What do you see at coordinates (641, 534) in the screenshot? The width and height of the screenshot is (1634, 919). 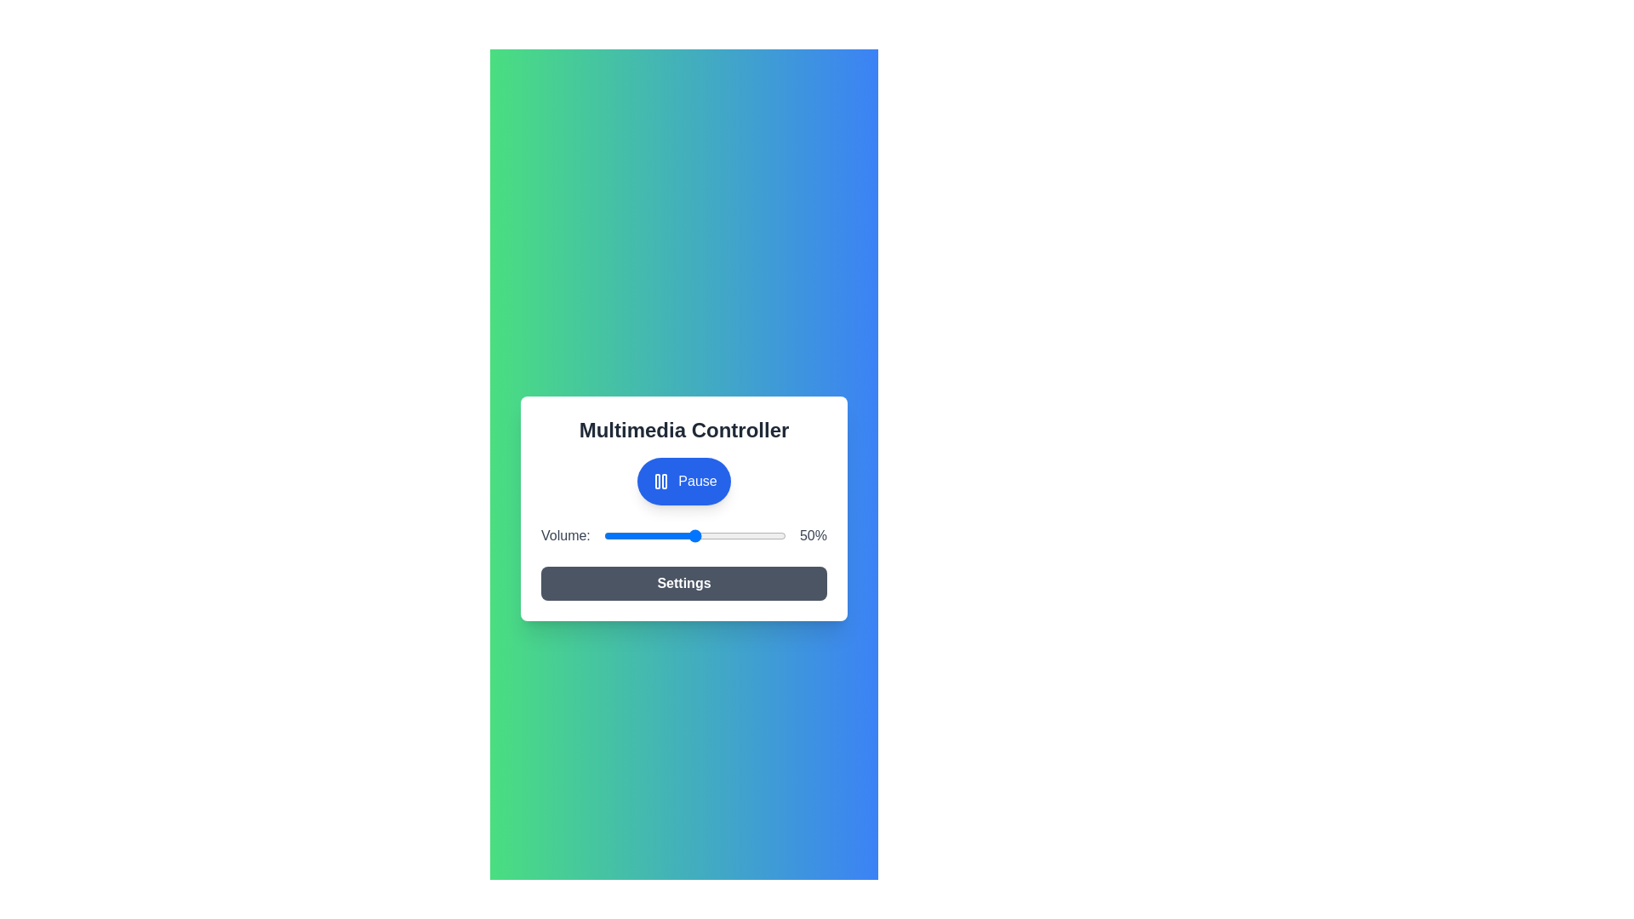 I see `the volume` at bounding box center [641, 534].